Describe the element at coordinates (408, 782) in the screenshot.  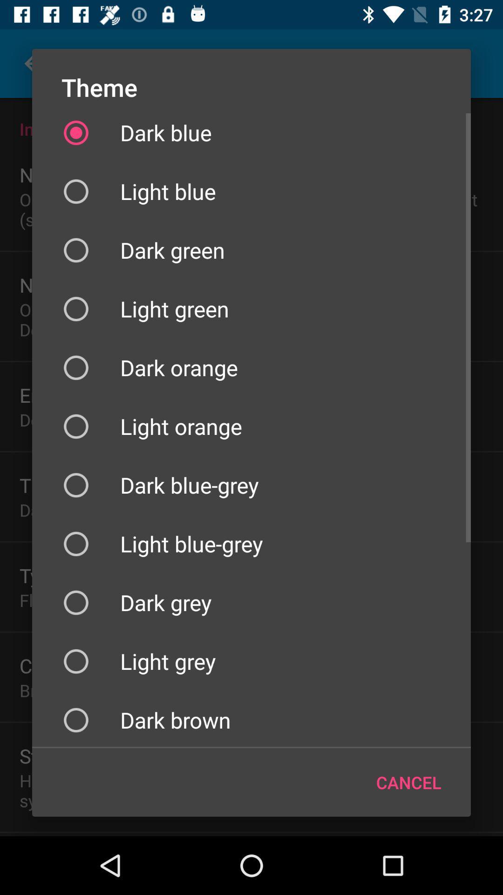
I see `cancel at the bottom right corner` at that location.